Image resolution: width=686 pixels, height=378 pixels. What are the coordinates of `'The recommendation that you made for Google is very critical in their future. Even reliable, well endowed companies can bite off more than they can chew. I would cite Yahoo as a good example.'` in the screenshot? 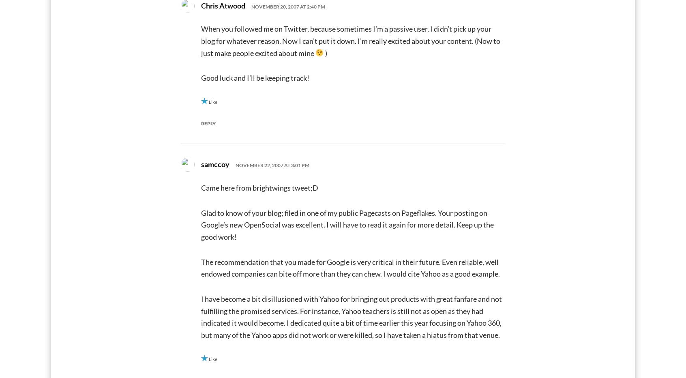 It's located at (350, 268).